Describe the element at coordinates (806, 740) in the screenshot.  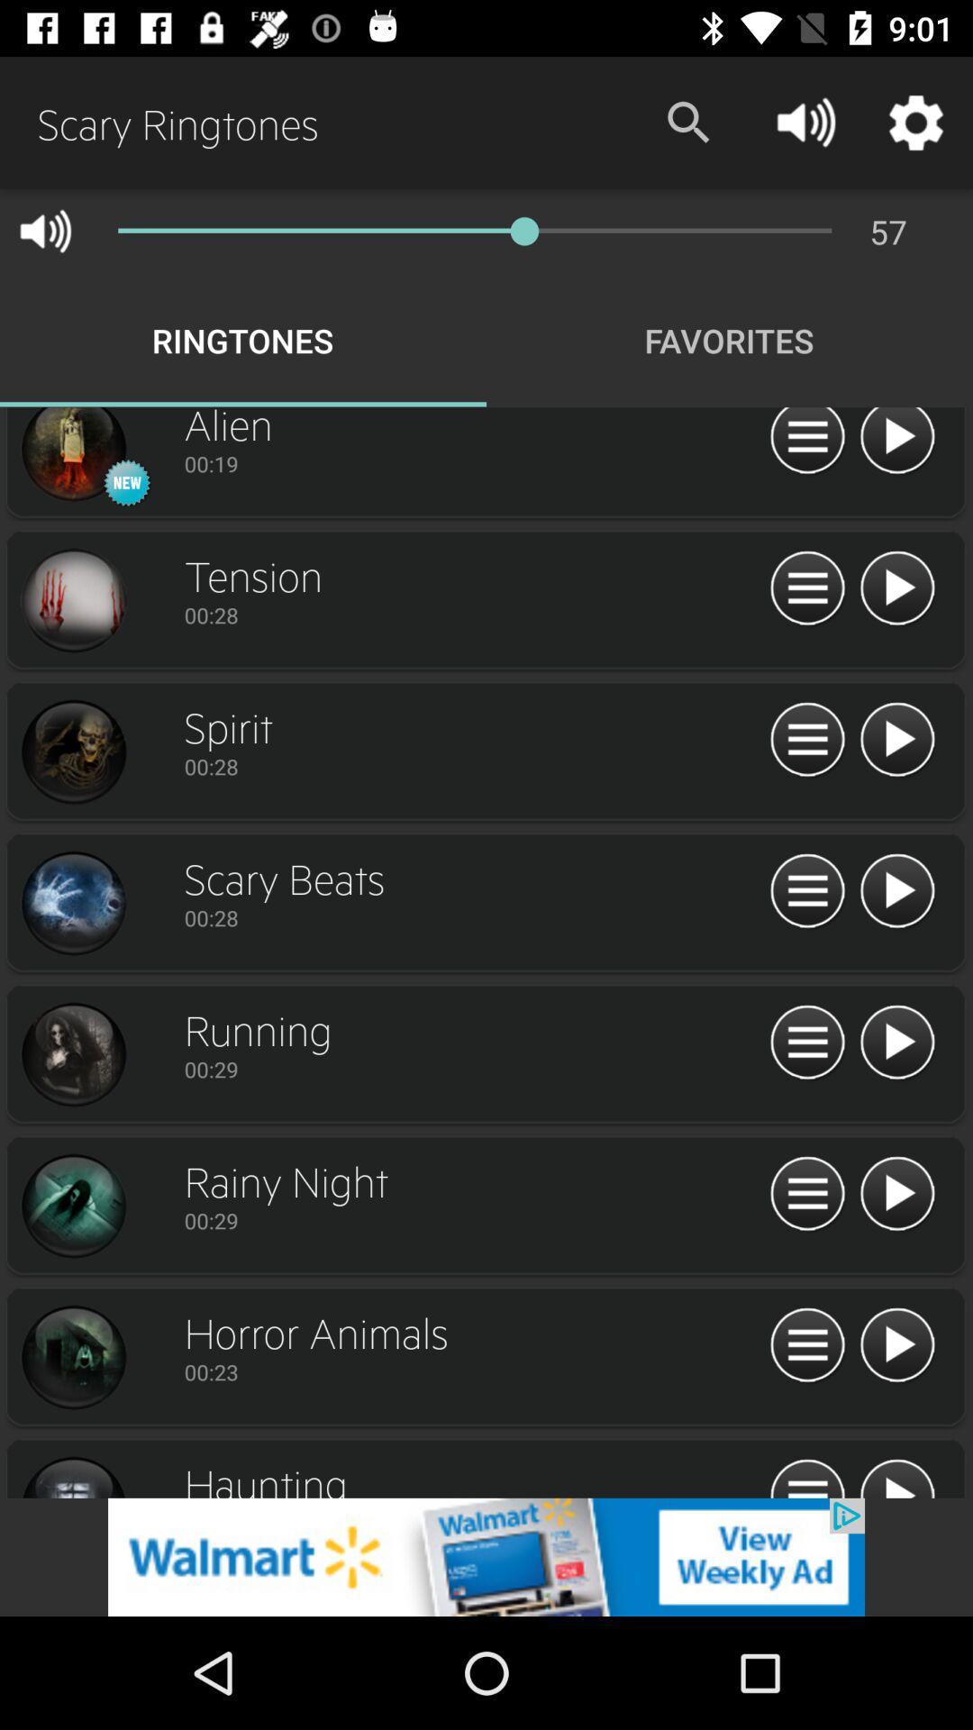
I see `home` at that location.